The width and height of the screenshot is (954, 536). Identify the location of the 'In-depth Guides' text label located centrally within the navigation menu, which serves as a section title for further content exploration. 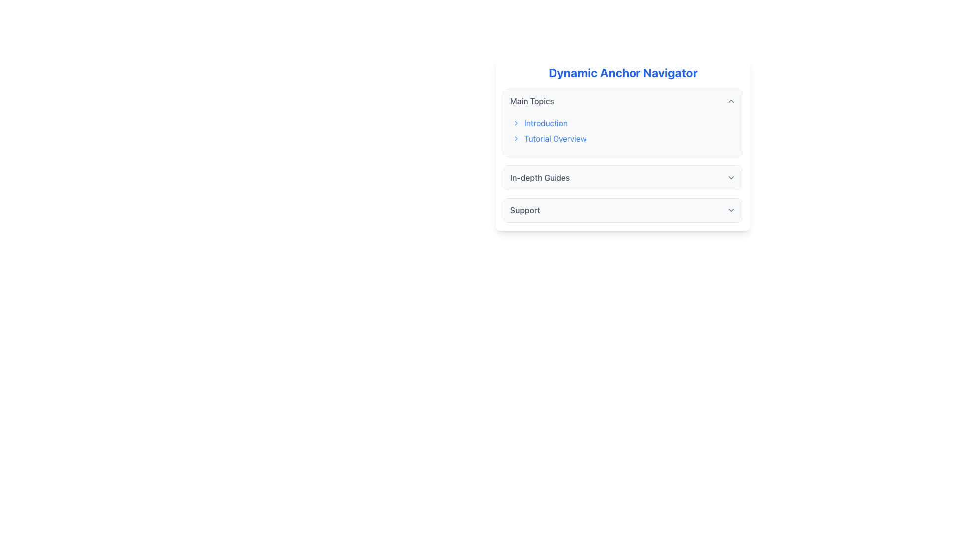
(540, 177).